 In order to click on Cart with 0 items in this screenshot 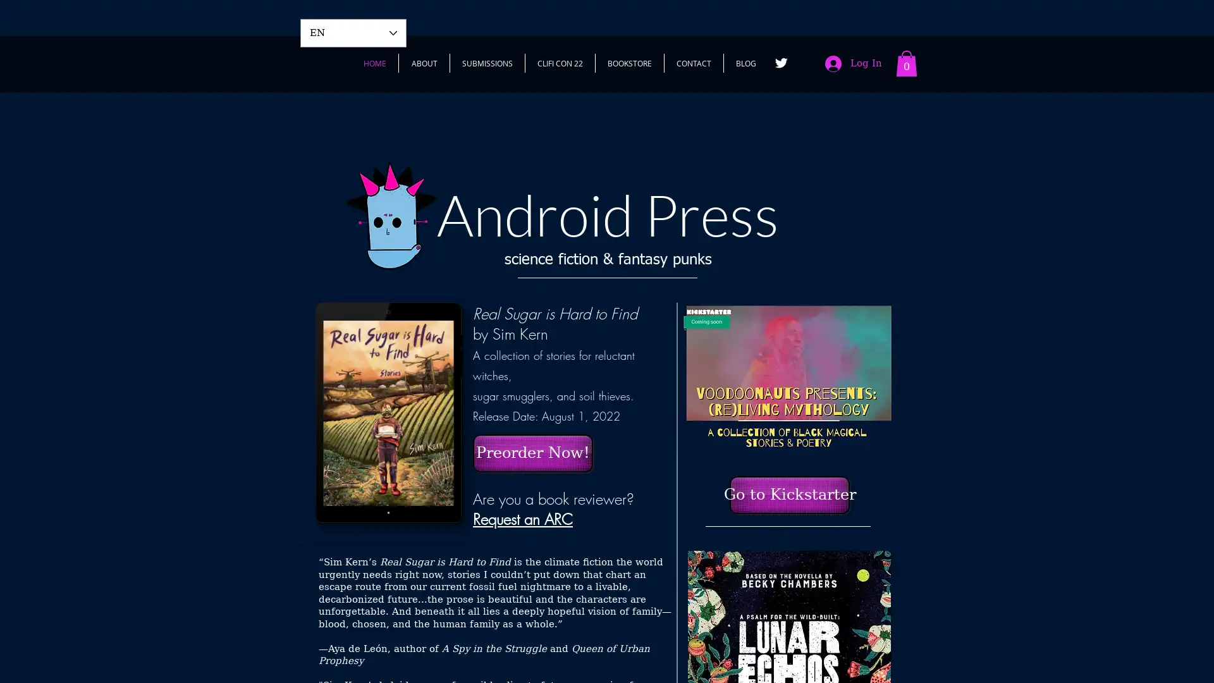, I will do `click(906, 63)`.